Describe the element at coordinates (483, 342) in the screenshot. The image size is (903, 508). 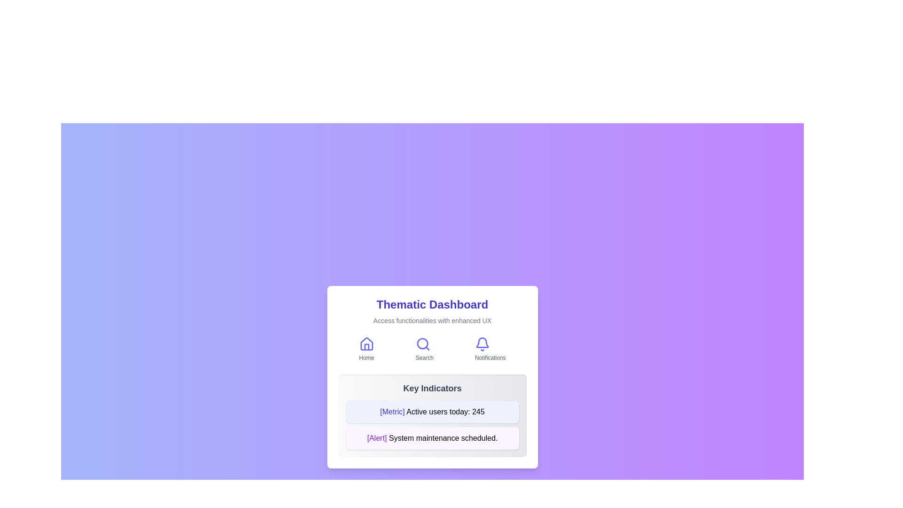
I see `the dark blue bell icon representing notifications, which is centrally located in the notification group at the top section of the main interface` at that location.